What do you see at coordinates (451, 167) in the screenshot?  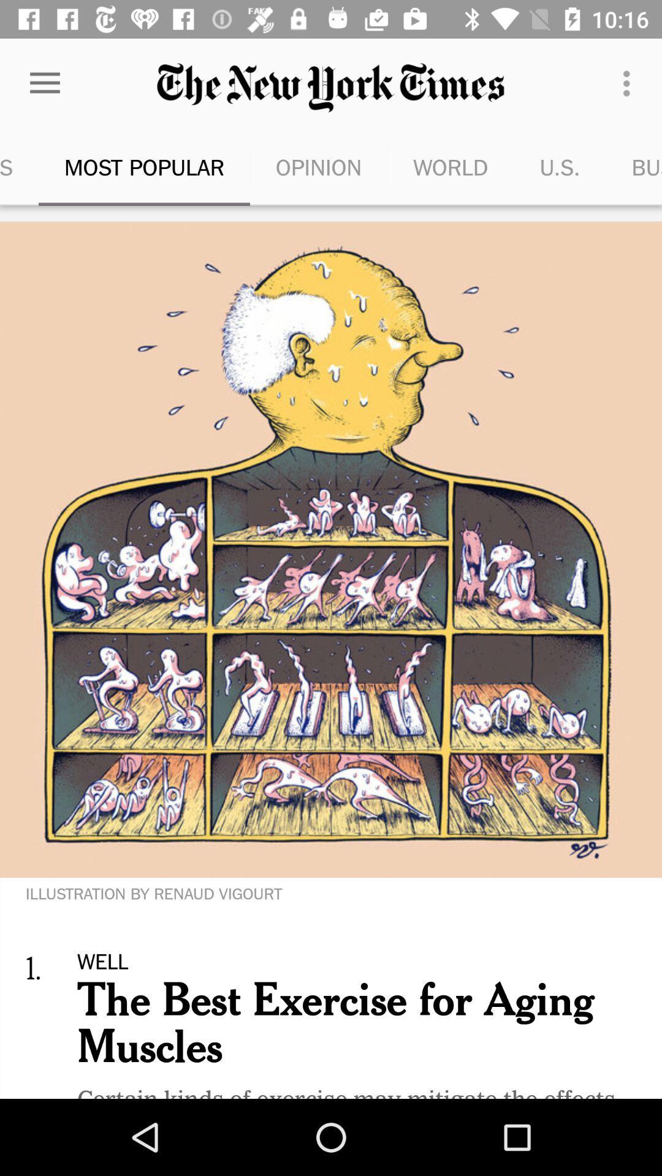 I see `the icon next to u.s.` at bounding box center [451, 167].